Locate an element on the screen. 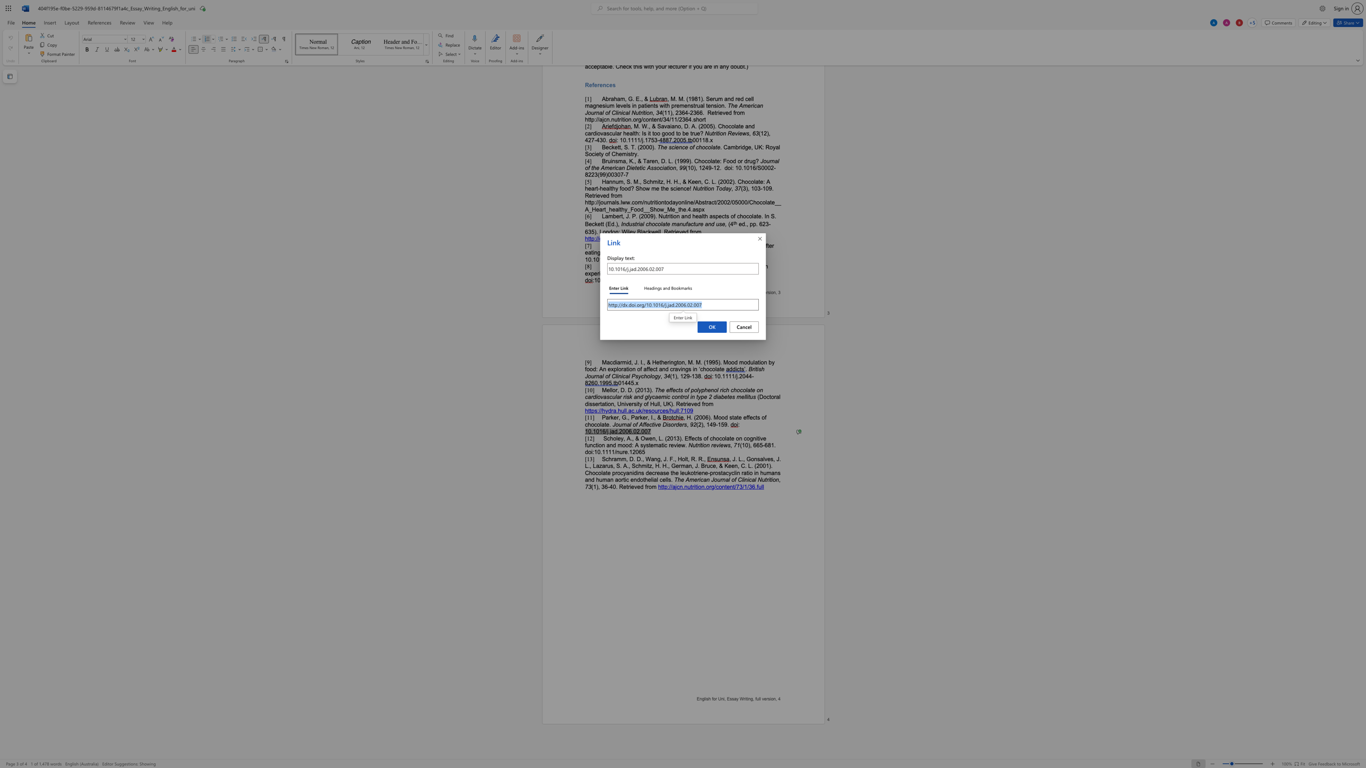  the space between the continuous character "n" and "i" in the text is located at coordinates (722, 699).